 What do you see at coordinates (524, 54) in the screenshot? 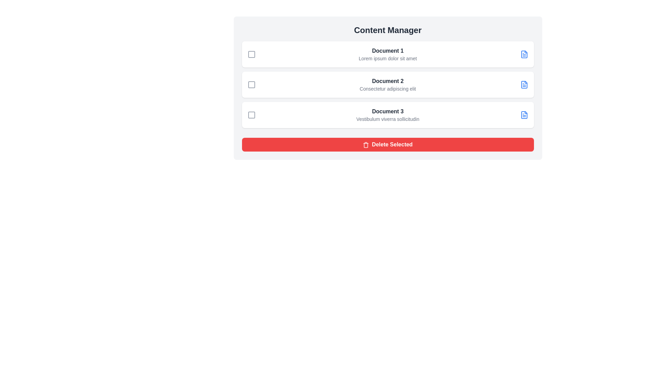
I see `the document icon for Document 1` at bounding box center [524, 54].